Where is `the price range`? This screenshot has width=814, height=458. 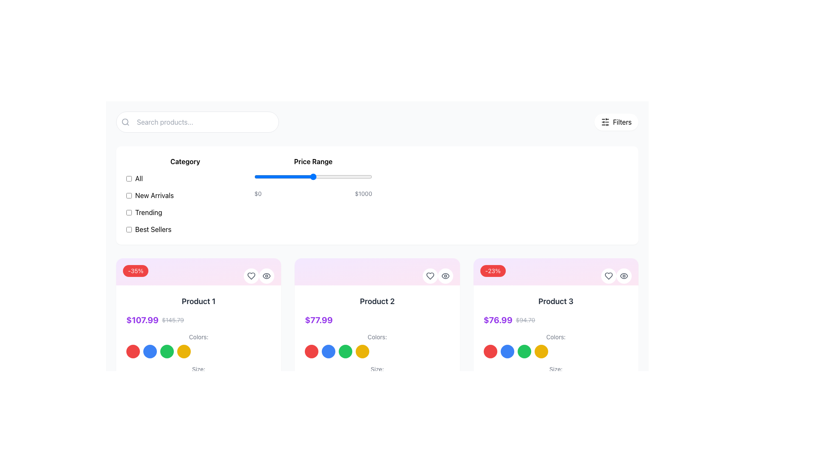
the price range is located at coordinates (308, 176).